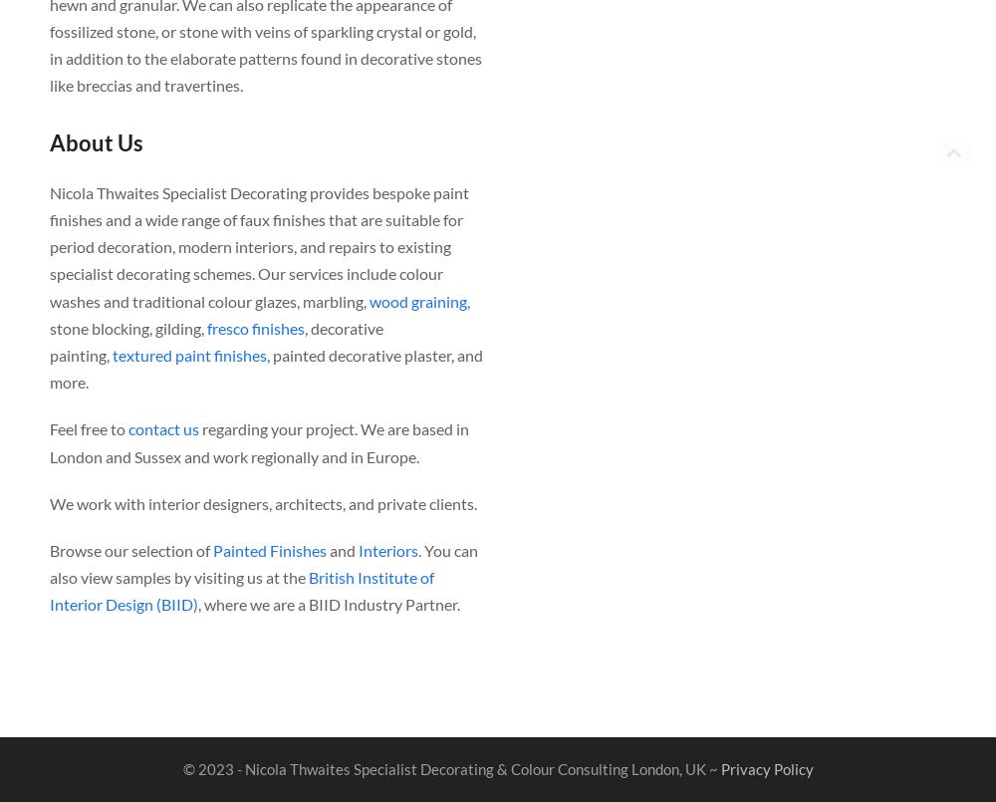 The image size is (996, 802). Describe the element at coordinates (241, 590) in the screenshot. I see `'British Institute of Interior Design (BIID)'` at that location.